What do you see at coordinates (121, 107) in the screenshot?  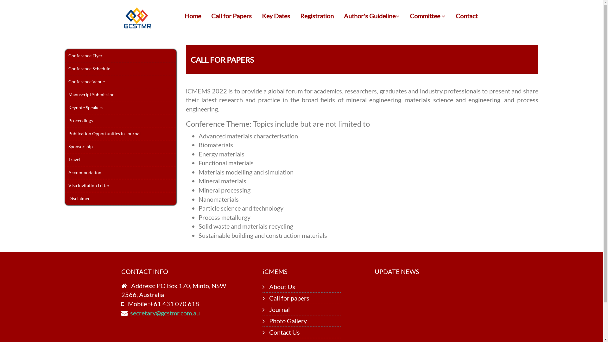 I see `'Keynote Speakers'` at bounding box center [121, 107].